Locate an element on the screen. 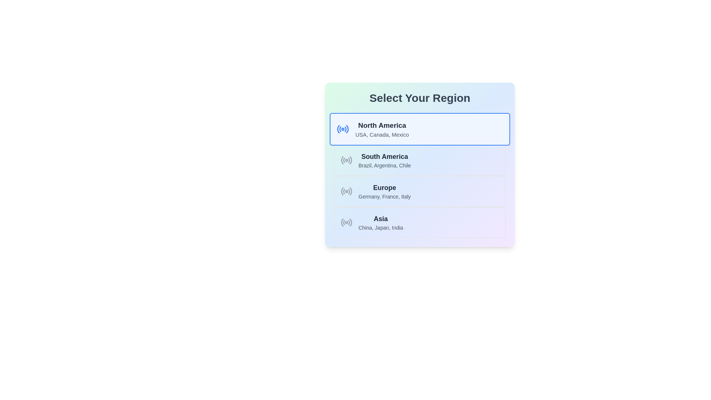 The height and width of the screenshot is (400, 711). the text label that reads 'Germany, France, Italy' which is styled in gray and located beneath the heading 'Europe' is located at coordinates (384, 196).